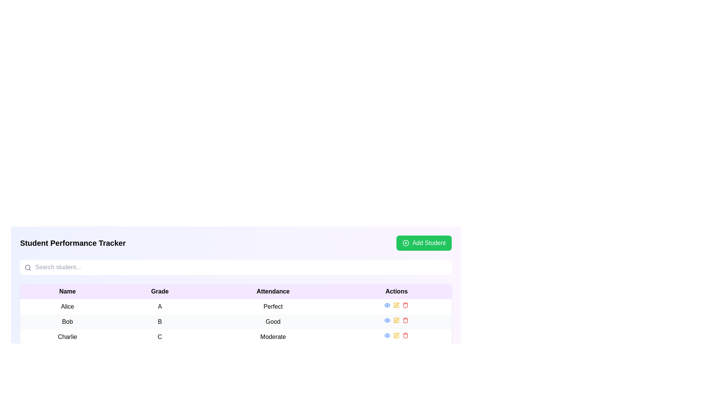  Describe the element at coordinates (396, 320) in the screenshot. I see `the blue eye icon in the Actions column of the table for the row corresponding to 'Good' attendance` at that location.